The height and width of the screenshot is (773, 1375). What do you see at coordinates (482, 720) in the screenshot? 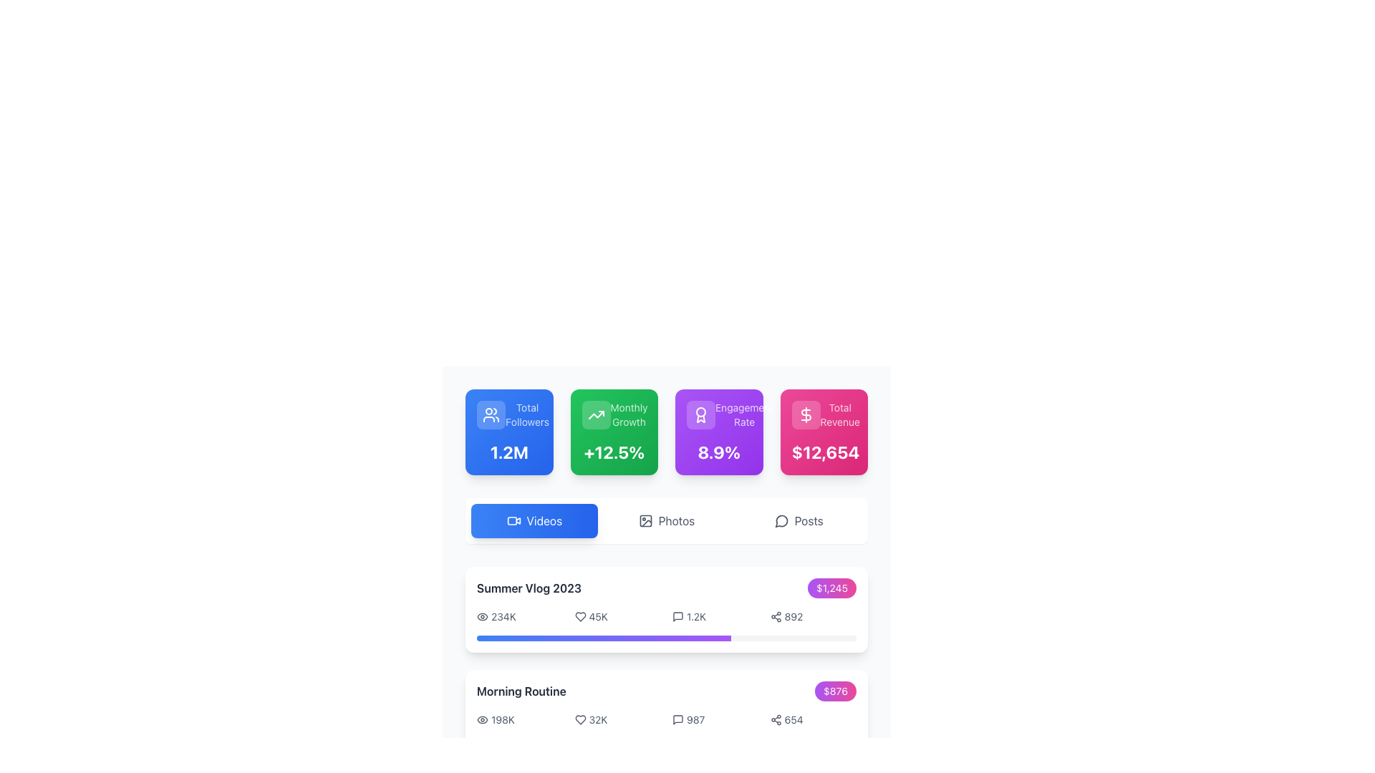
I see `the eye-shaped icon located to the left of the text '198K', which features a line-based design with an oval shape and a circular pupil detail` at bounding box center [482, 720].